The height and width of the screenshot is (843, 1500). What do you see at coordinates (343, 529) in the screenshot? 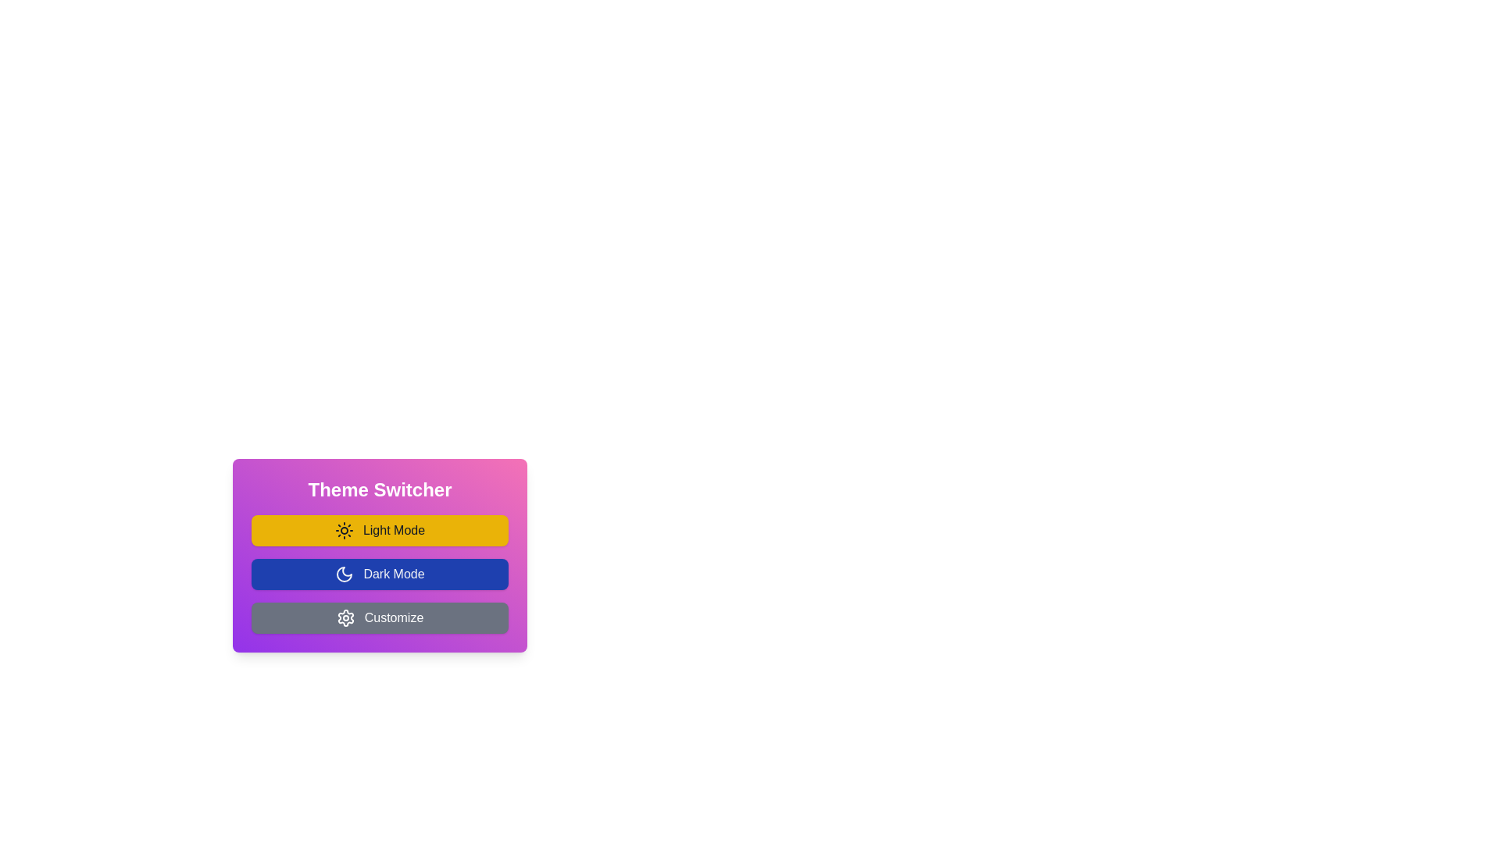
I see `the light mode toggle icon located within the 'Theme Switcher' vertical menu, positioned adjacent to the 'Light Mode' label` at bounding box center [343, 529].